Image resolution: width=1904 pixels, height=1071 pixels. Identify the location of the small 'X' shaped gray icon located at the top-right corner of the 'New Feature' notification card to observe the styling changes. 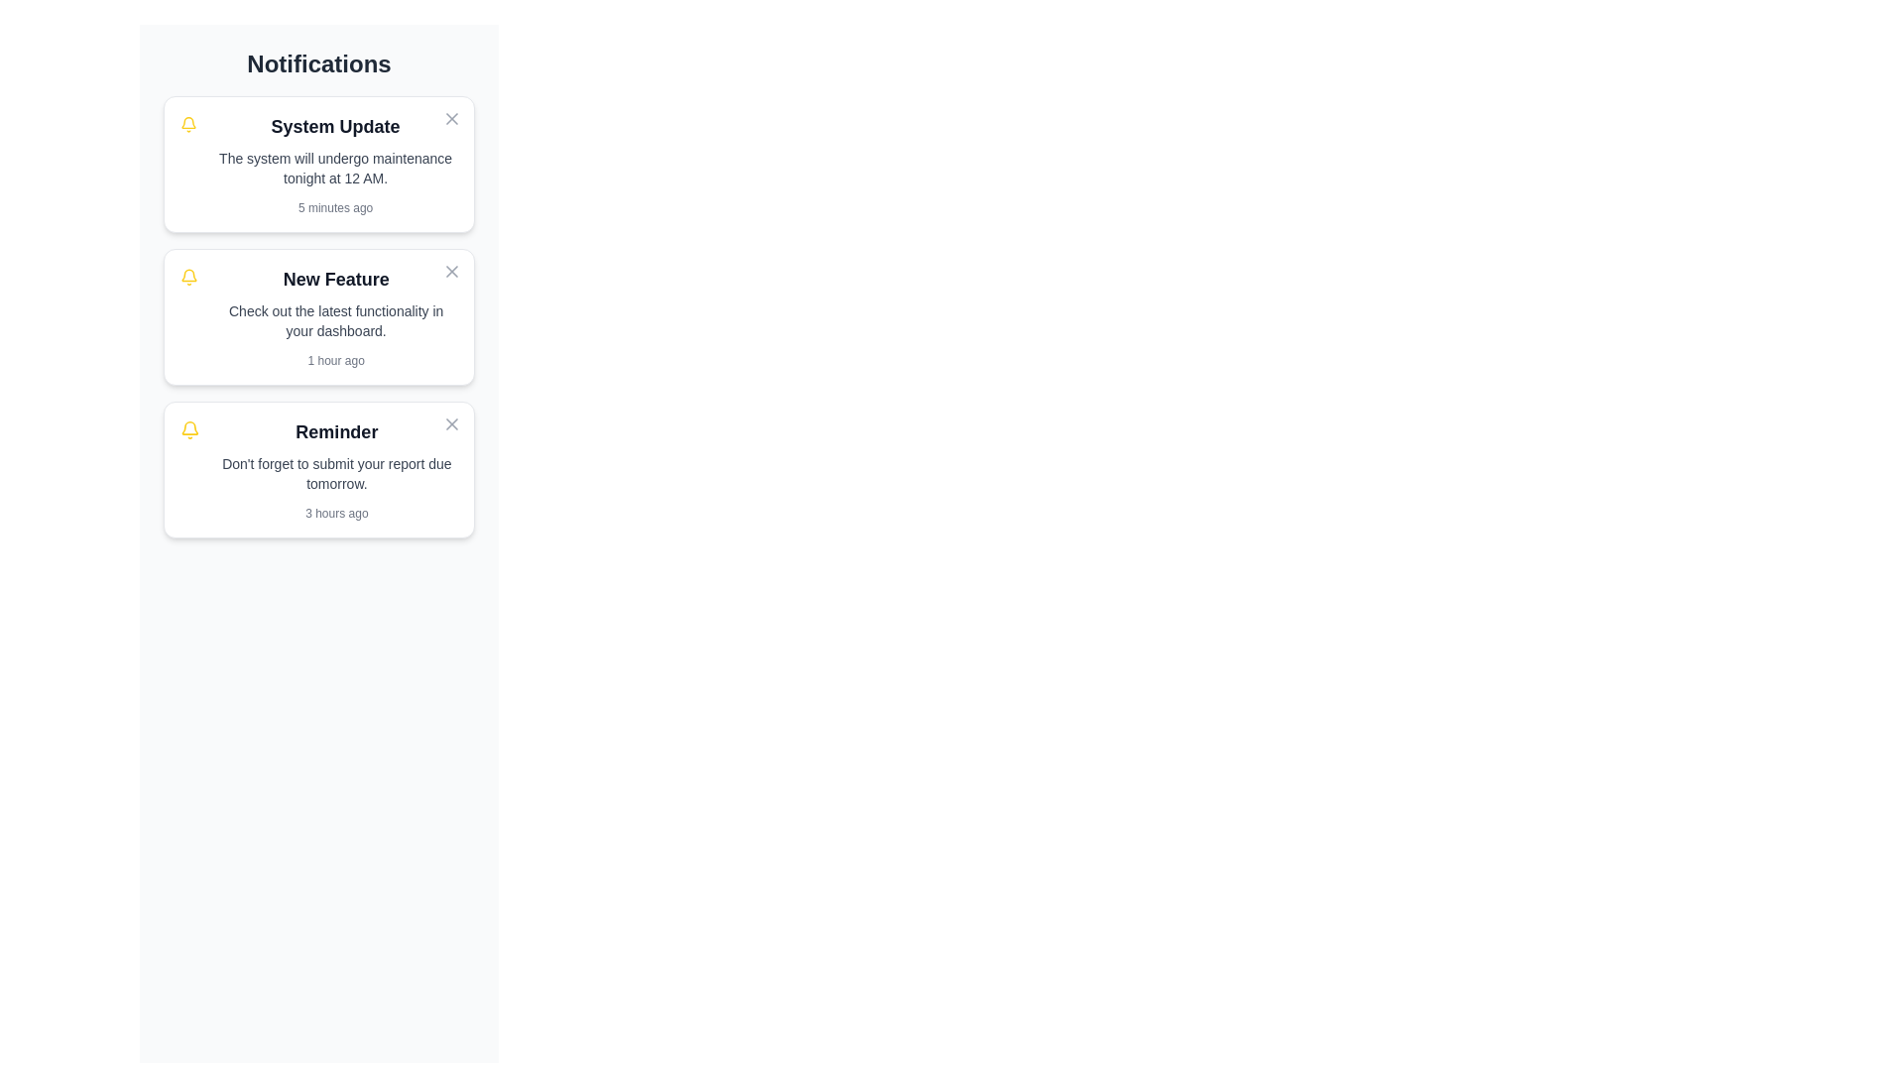
(451, 271).